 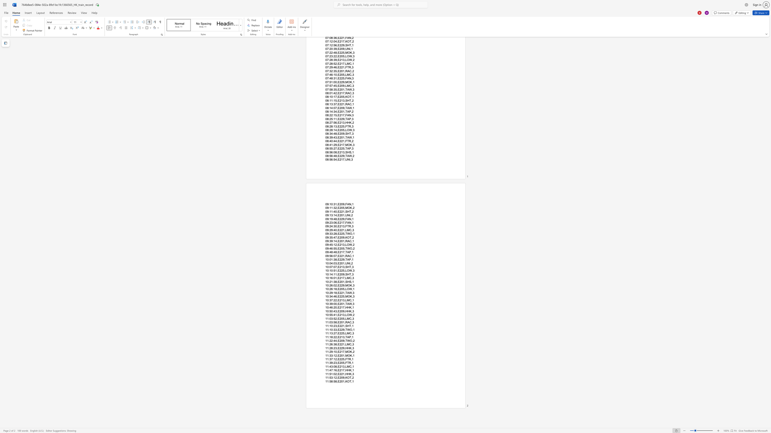 What do you see at coordinates (336, 381) in the screenshot?
I see `the space between the continuous character "8" and "," in the text` at bounding box center [336, 381].